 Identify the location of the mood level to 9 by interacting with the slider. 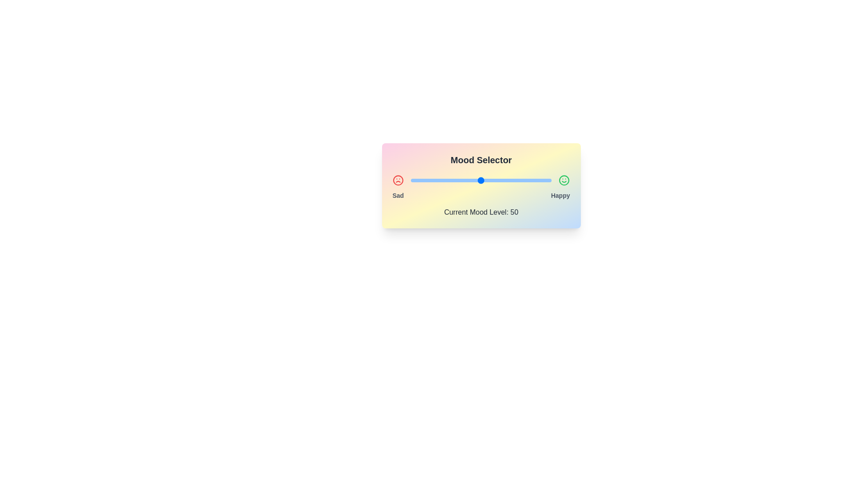
(423, 180).